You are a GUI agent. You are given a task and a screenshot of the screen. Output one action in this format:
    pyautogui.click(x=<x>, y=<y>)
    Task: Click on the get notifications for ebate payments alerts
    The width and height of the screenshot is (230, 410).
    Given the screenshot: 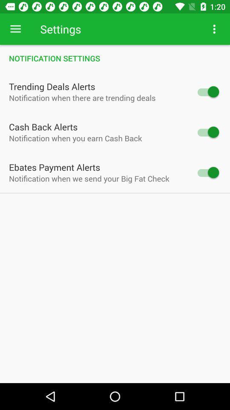 What is the action you would take?
    pyautogui.click(x=207, y=172)
    